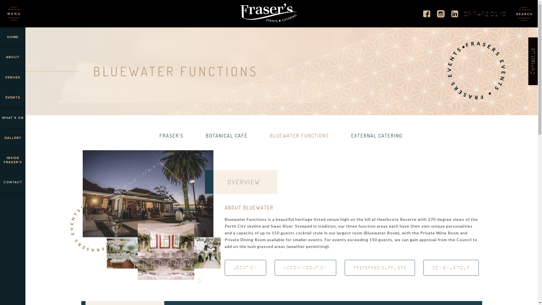 This screenshot has width=542, height=305. What do you see at coordinates (485, 13) in the screenshot?
I see `'08 9482 0170'` at bounding box center [485, 13].